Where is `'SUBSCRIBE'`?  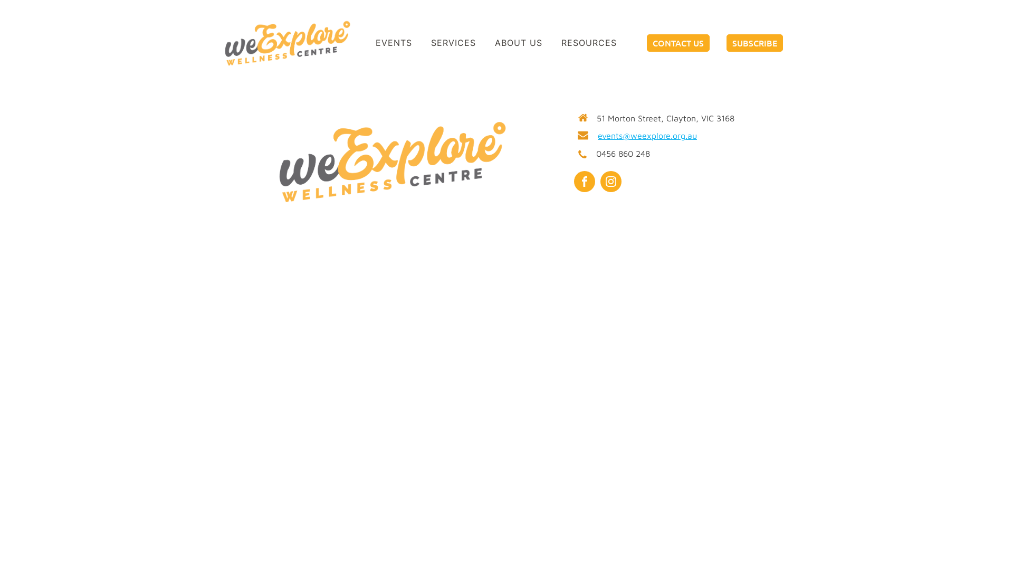
'SUBSCRIBE' is located at coordinates (754, 42).